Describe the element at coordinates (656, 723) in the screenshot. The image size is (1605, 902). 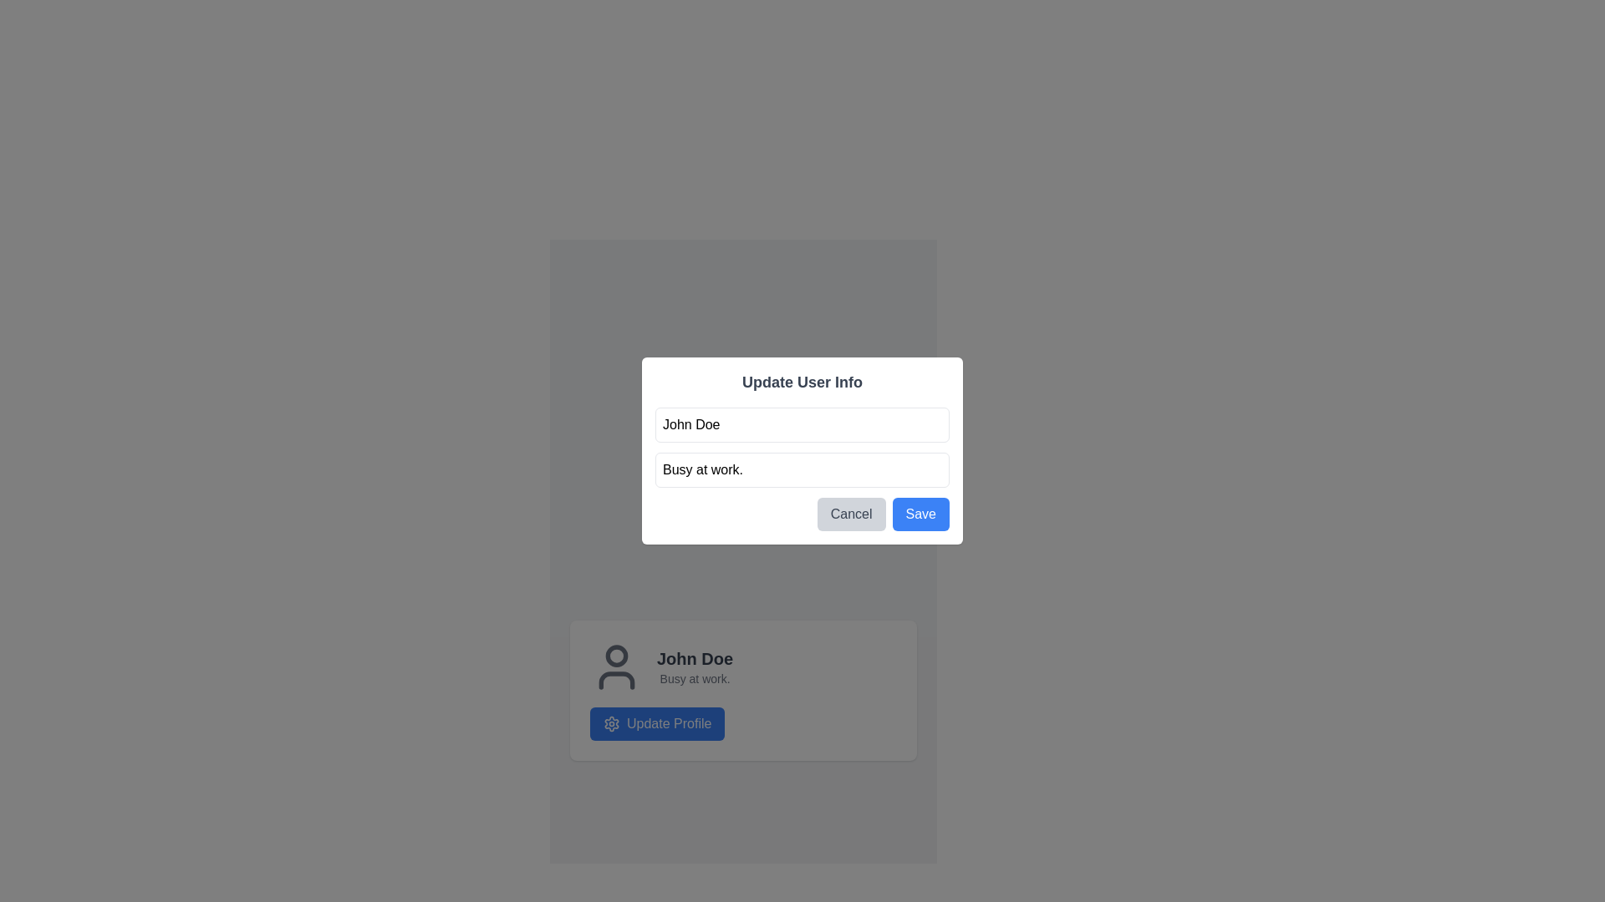
I see `the profile update button located at the bottom of the user information card, below the text 'Busy at work.' and to the right of the avatar representation` at that location.